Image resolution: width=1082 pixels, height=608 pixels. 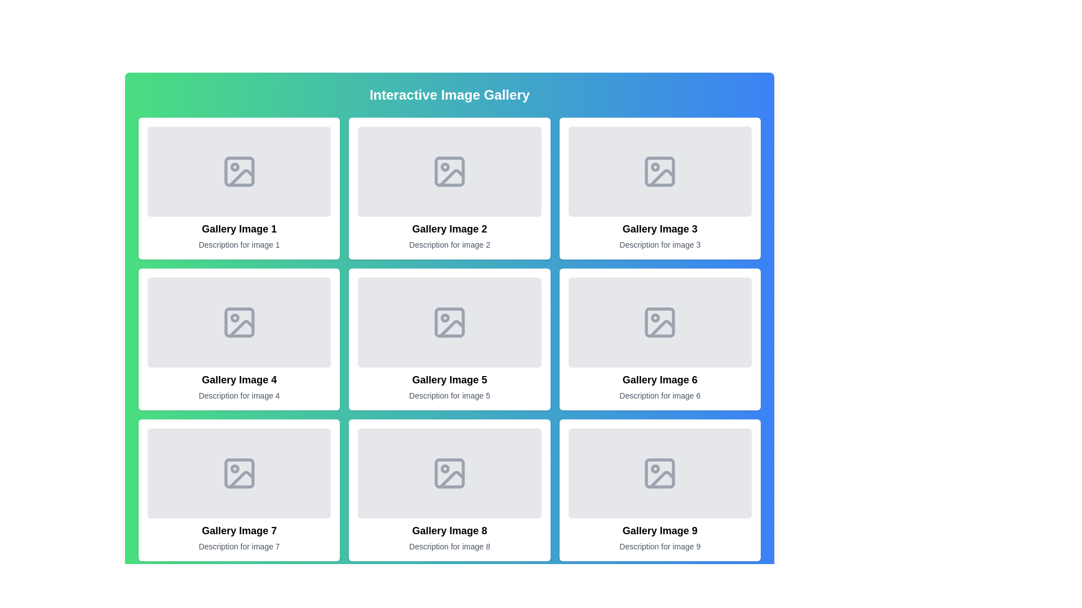 I want to click on the top-left card in the grid layout that has a white rectangular appearance with rounded corners, shadow effect, and contains bold text 'Gallery Image 1' and smaller text 'Description for image 1', so click(x=238, y=188).